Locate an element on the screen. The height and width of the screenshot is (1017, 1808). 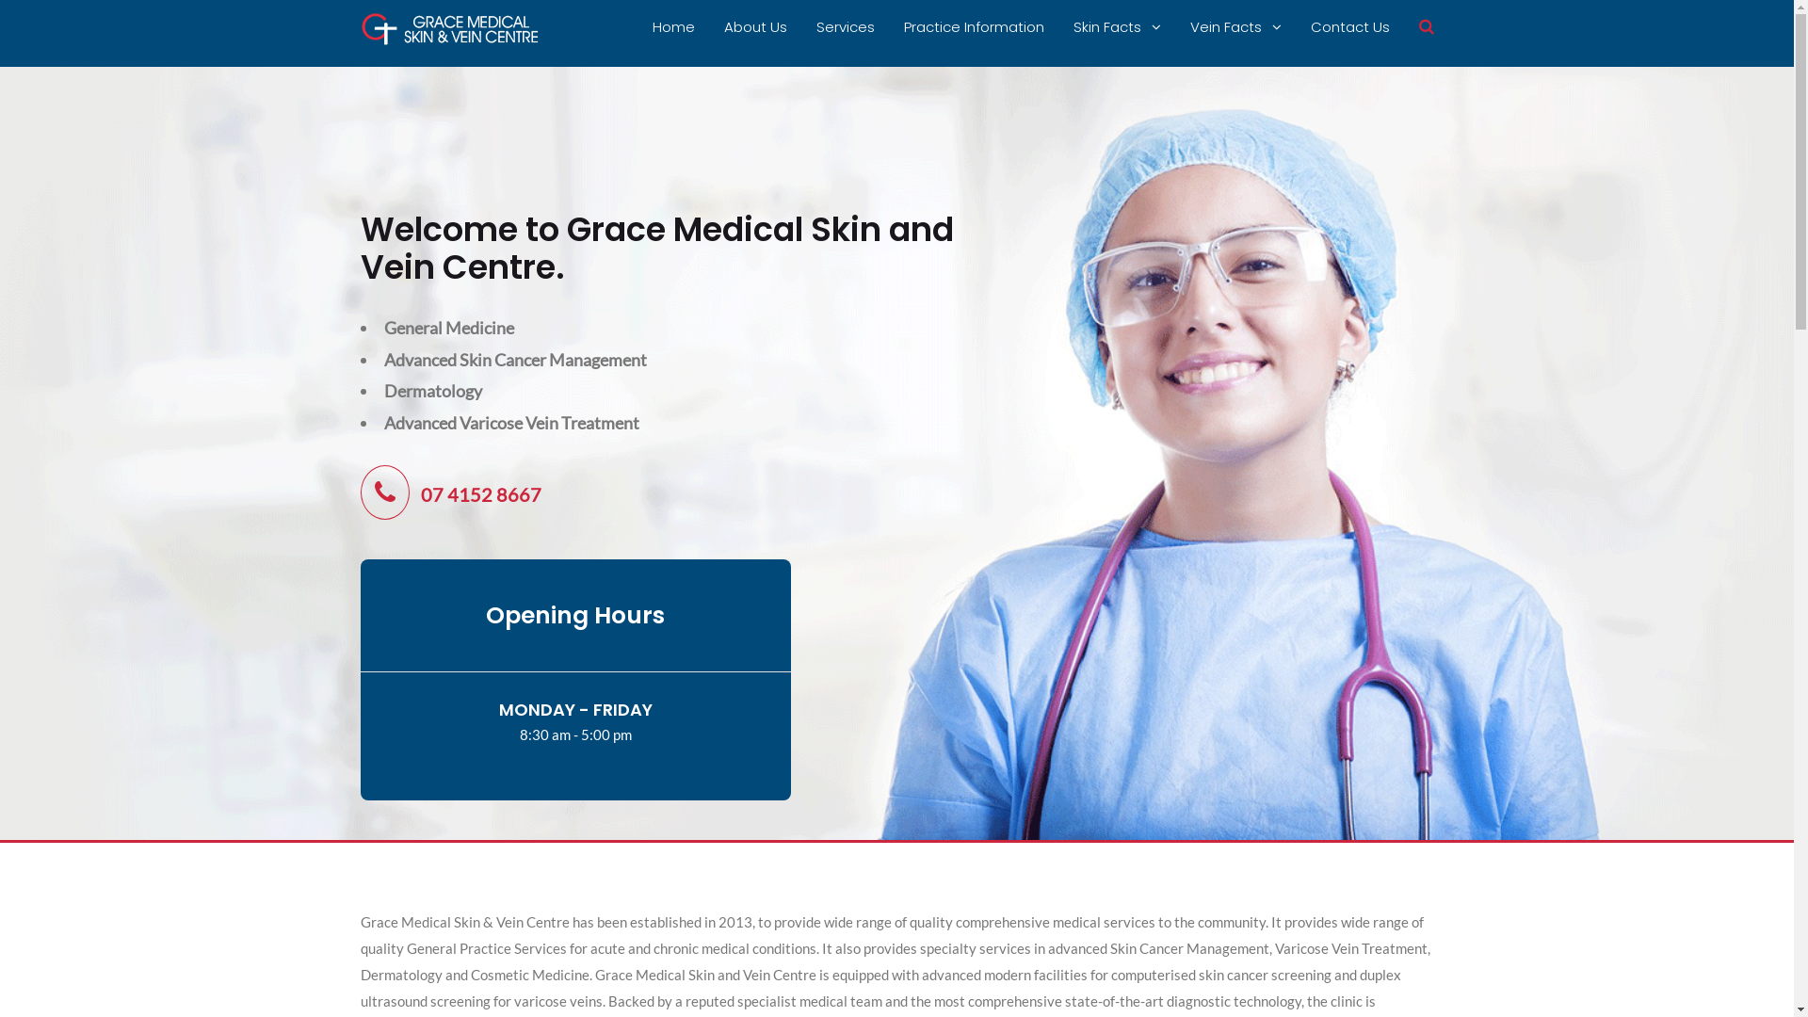
'Contact Us' is located at coordinates (1349, 27).